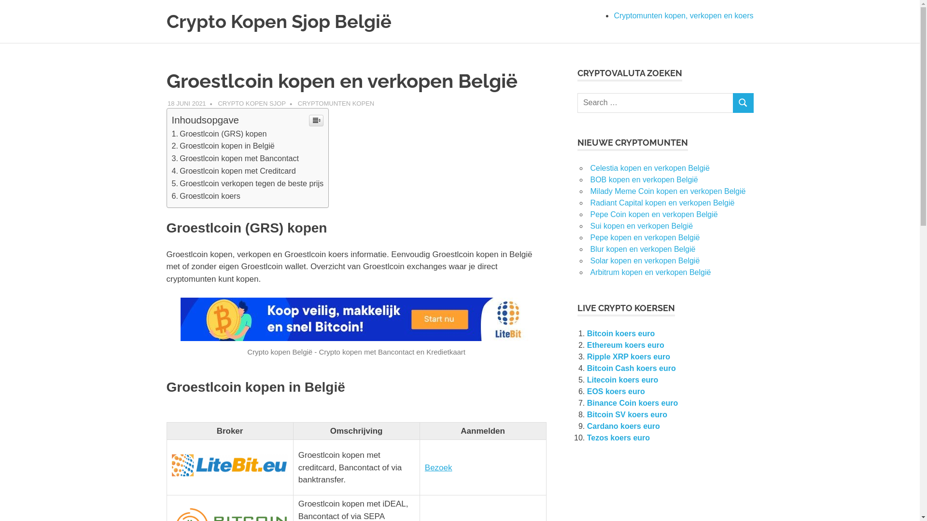 This screenshot has width=927, height=521. What do you see at coordinates (627, 414) in the screenshot?
I see `'Bitcoin SV koers euro'` at bounding box center [627, 414].